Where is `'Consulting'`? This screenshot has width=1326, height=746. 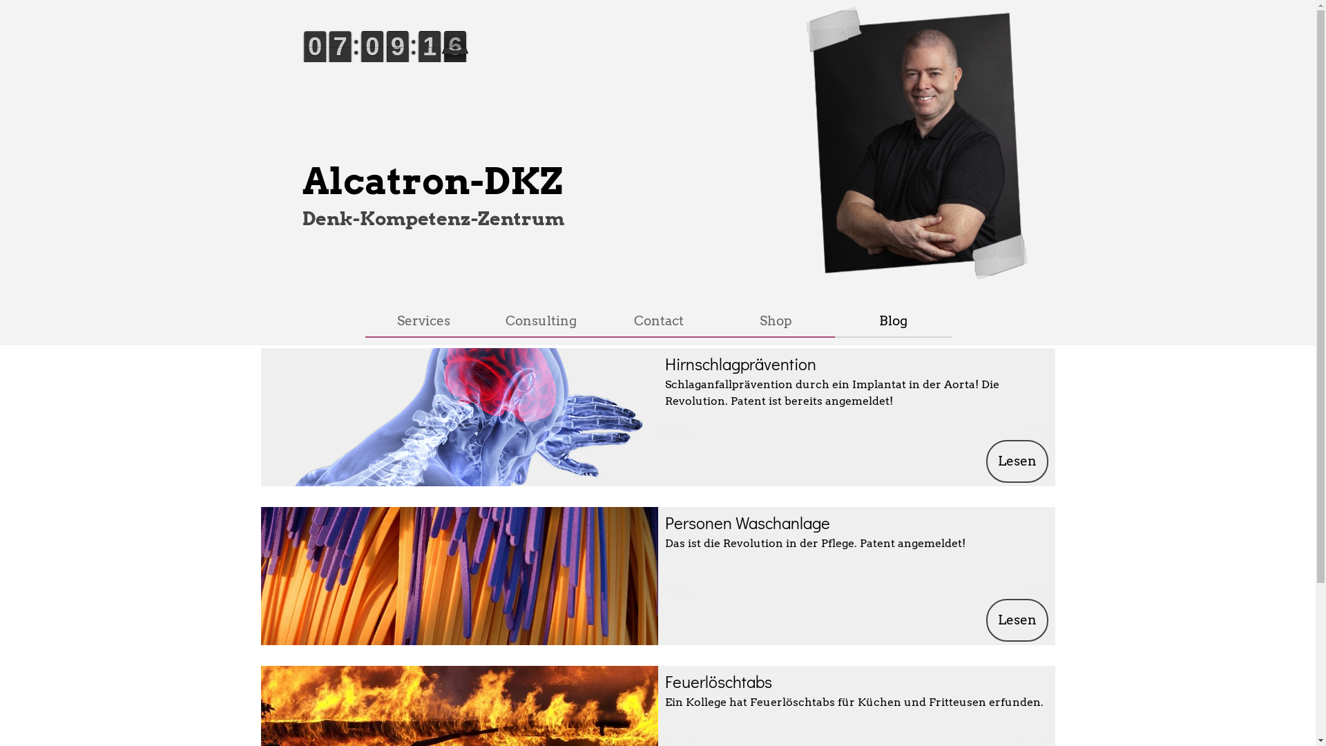 'Consulting' is located at coordinates (539, 321).